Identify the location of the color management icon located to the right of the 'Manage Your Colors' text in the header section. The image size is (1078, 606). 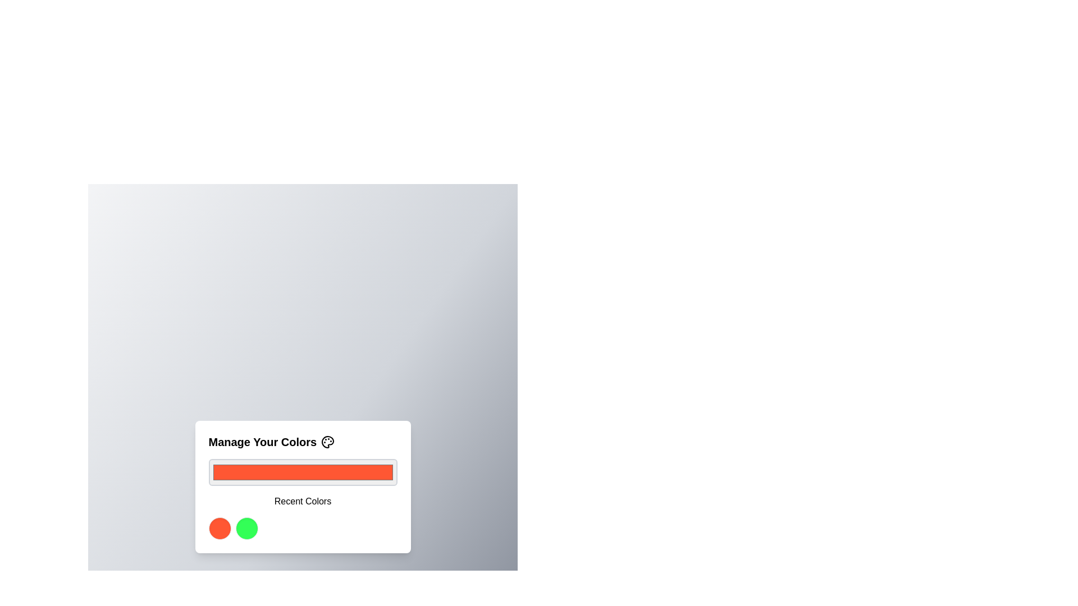
(327, 441).